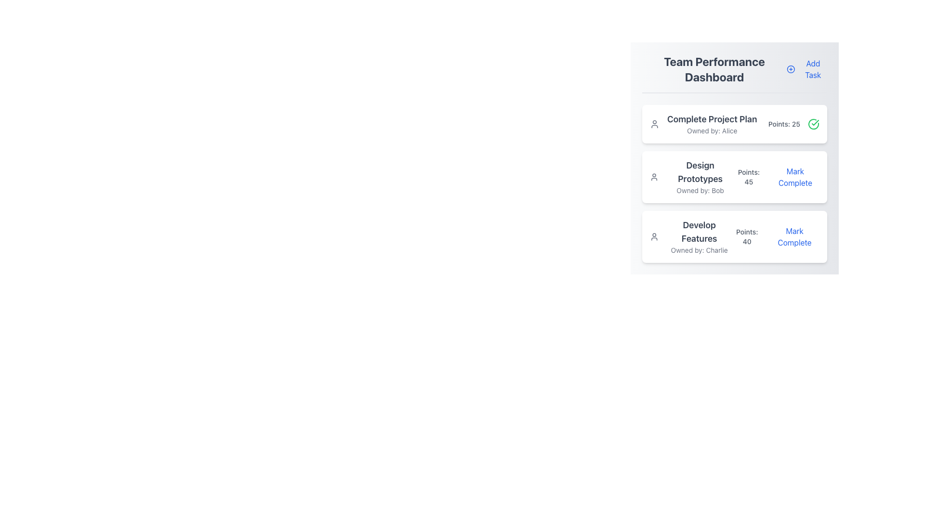 The height and width of the screenshot is (520, 925). I want to click on the head and shoulders silhouette icon with a gray outline, located to the left of the text 'Develop Features Owned by: Charlie' in the 'Team Performance Dashboard' panel, so click(654, 237).